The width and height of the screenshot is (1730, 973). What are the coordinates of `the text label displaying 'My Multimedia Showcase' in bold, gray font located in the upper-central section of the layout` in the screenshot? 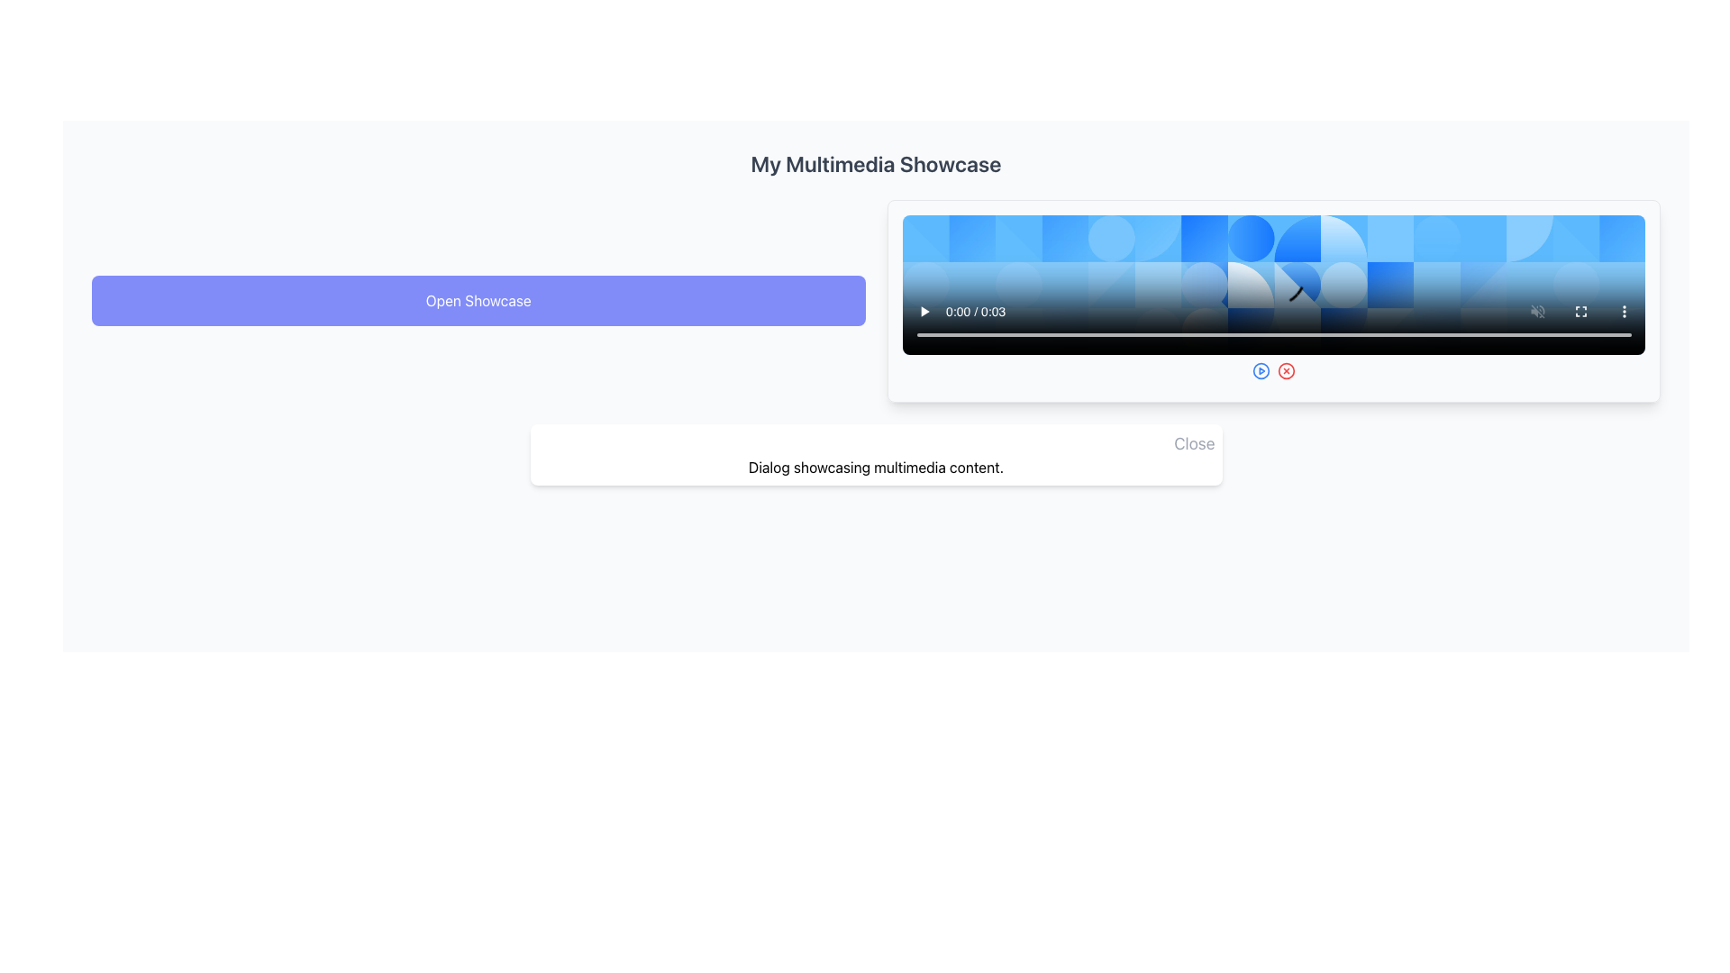 It's located at (876, 163).